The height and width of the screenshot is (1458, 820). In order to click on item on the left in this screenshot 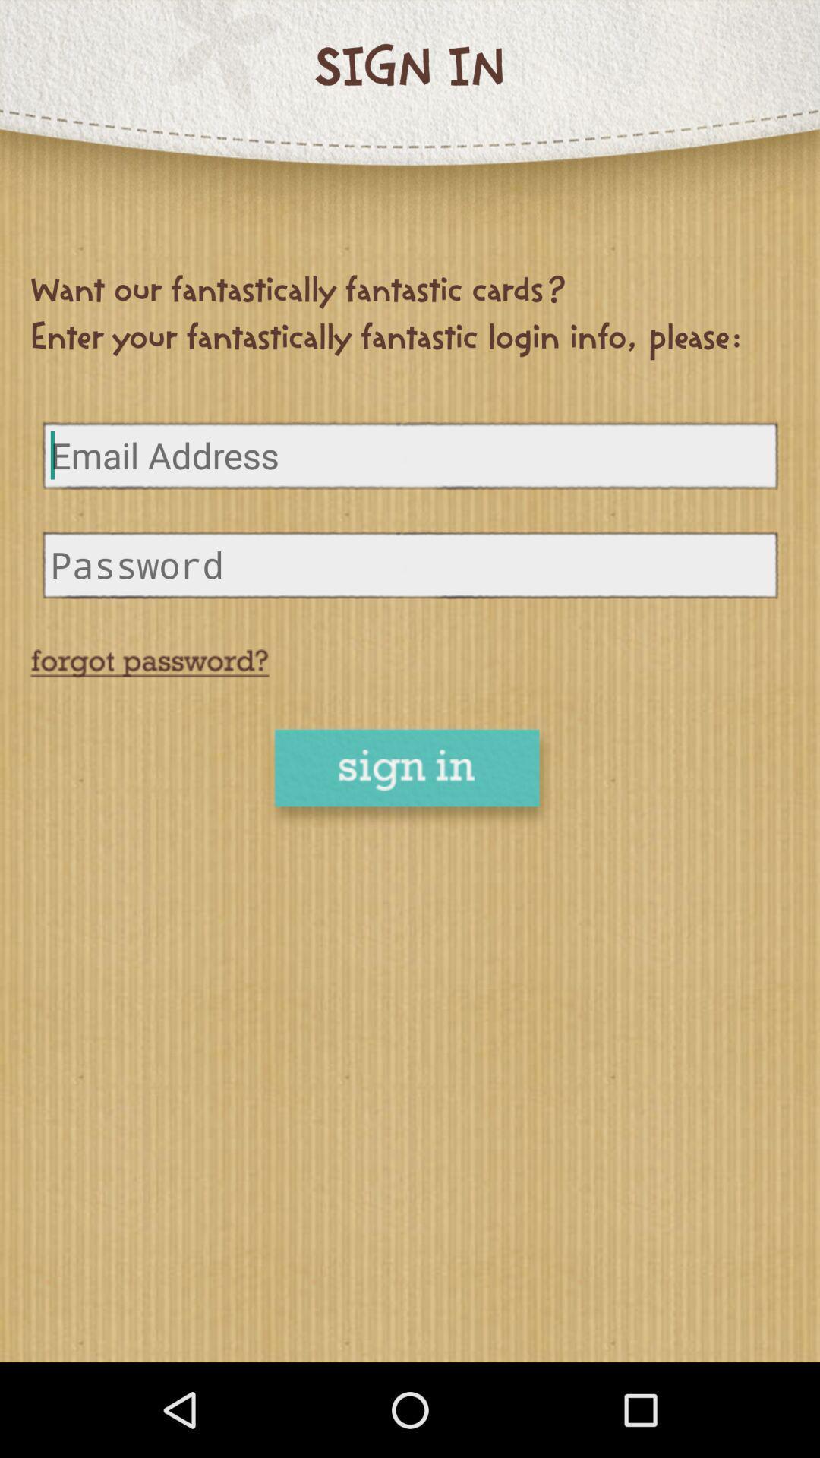, I will do `click(150, 664)`.